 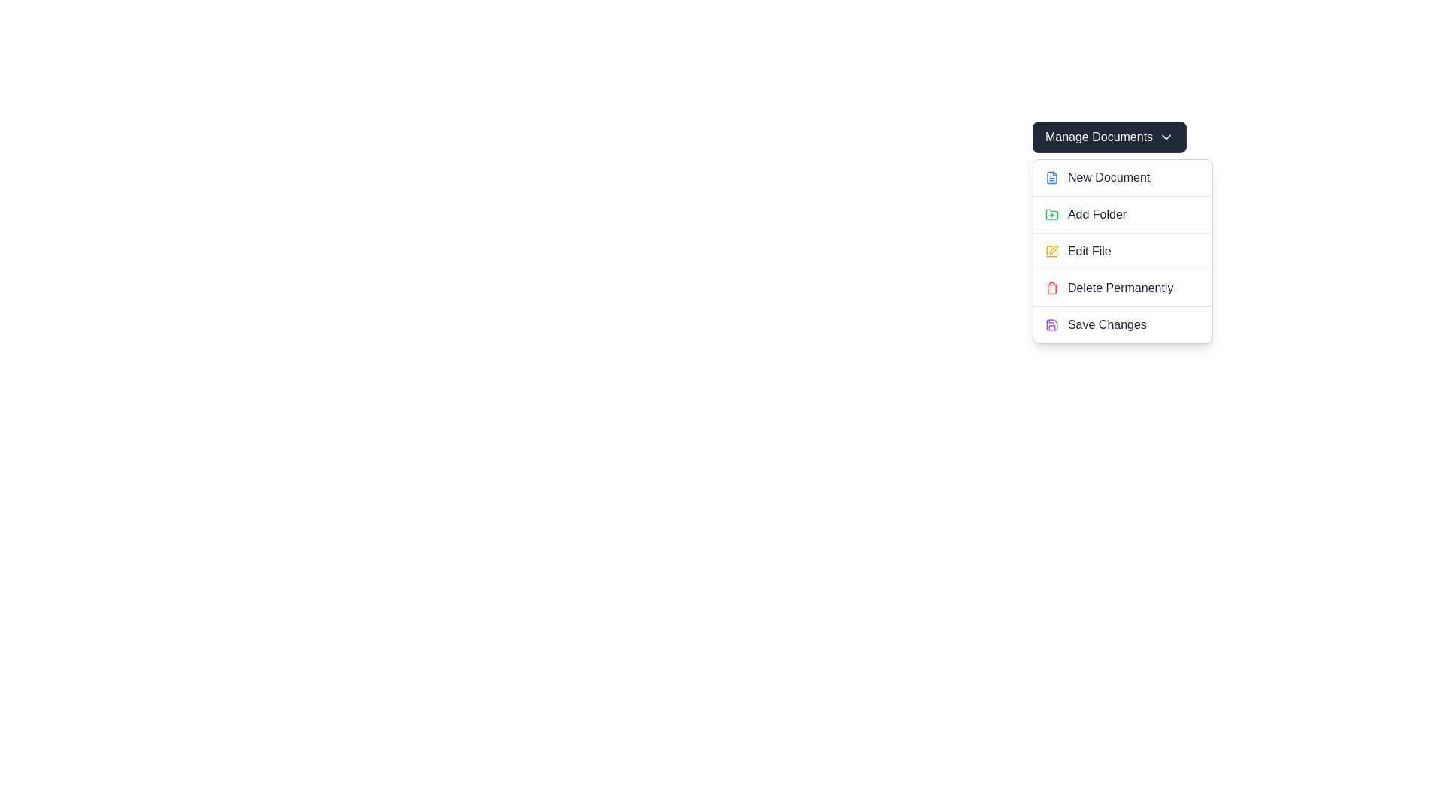 I want to click on the edit icon (pen) located at the top-right corner beneath the 'Edit File' label, so click(x=1053, y=249).